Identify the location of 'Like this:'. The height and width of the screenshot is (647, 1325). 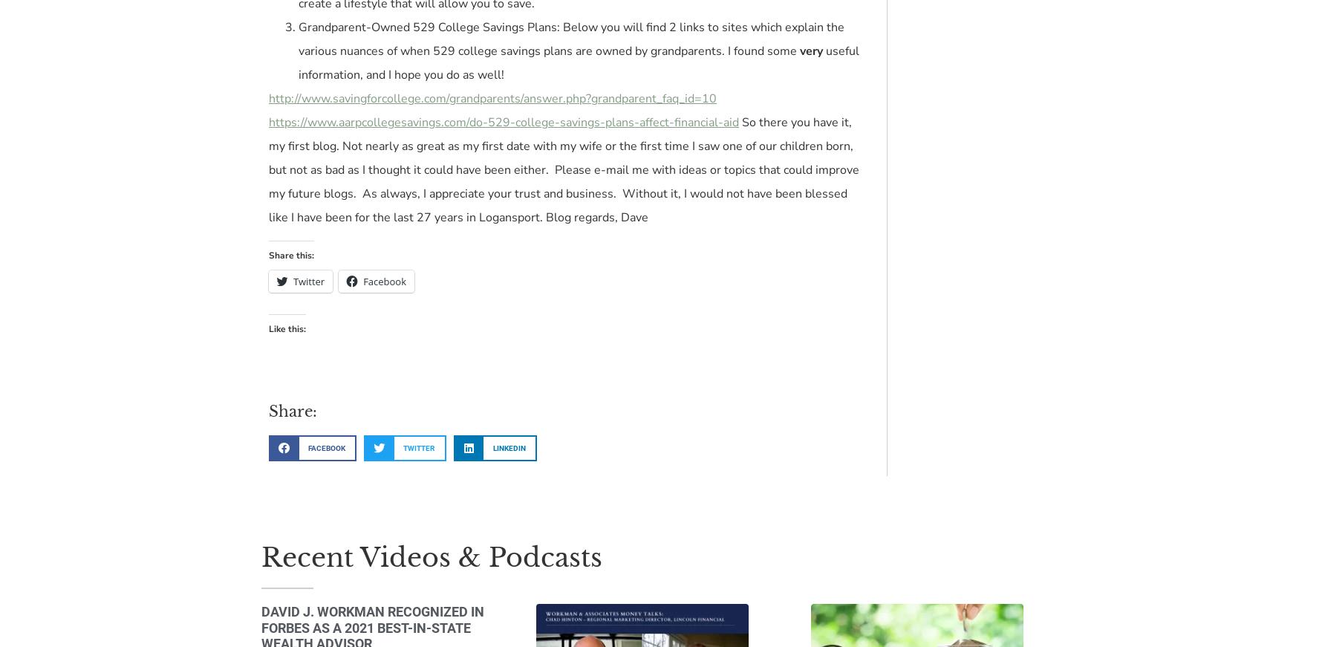
(286, 328).